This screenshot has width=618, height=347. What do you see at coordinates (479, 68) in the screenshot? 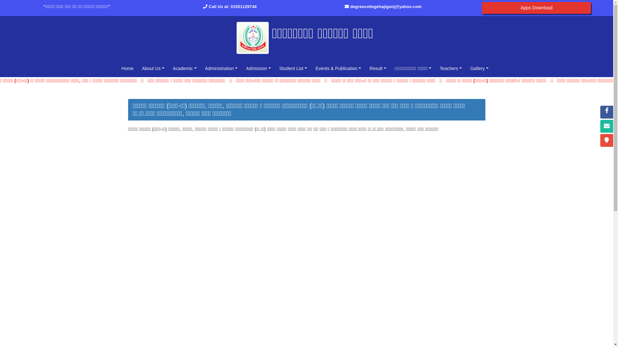
I see `'Gallery'` at bounding box center [479, 68].